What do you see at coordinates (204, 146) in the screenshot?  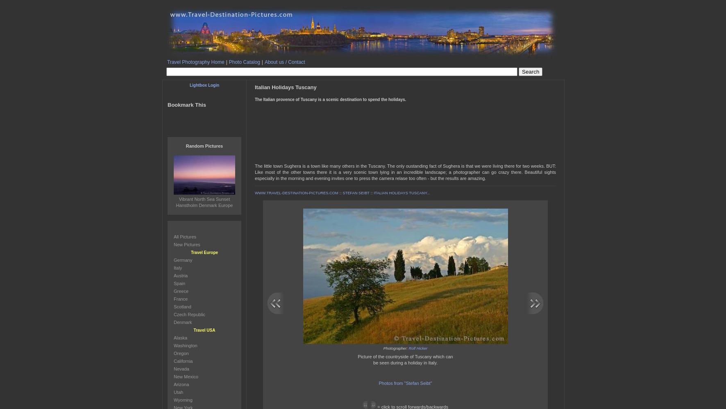 I see `'Random Pictures'` at bounding box center [204, 146].